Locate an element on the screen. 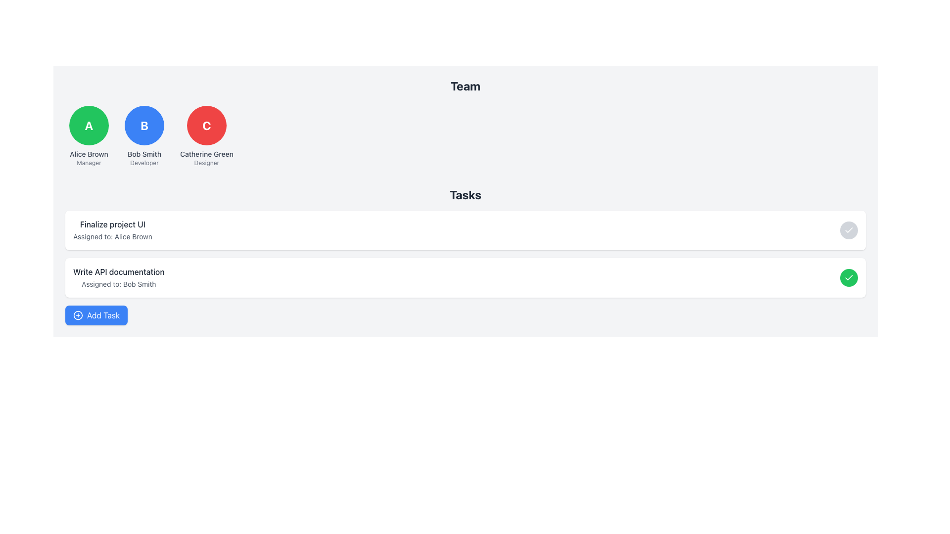 This screenshot has height=534, width=950. the circular outline of the plus-circle design within the 'Add Task' button located in the bottom-left area of the SVG icon is located at coordinates (78, 315).